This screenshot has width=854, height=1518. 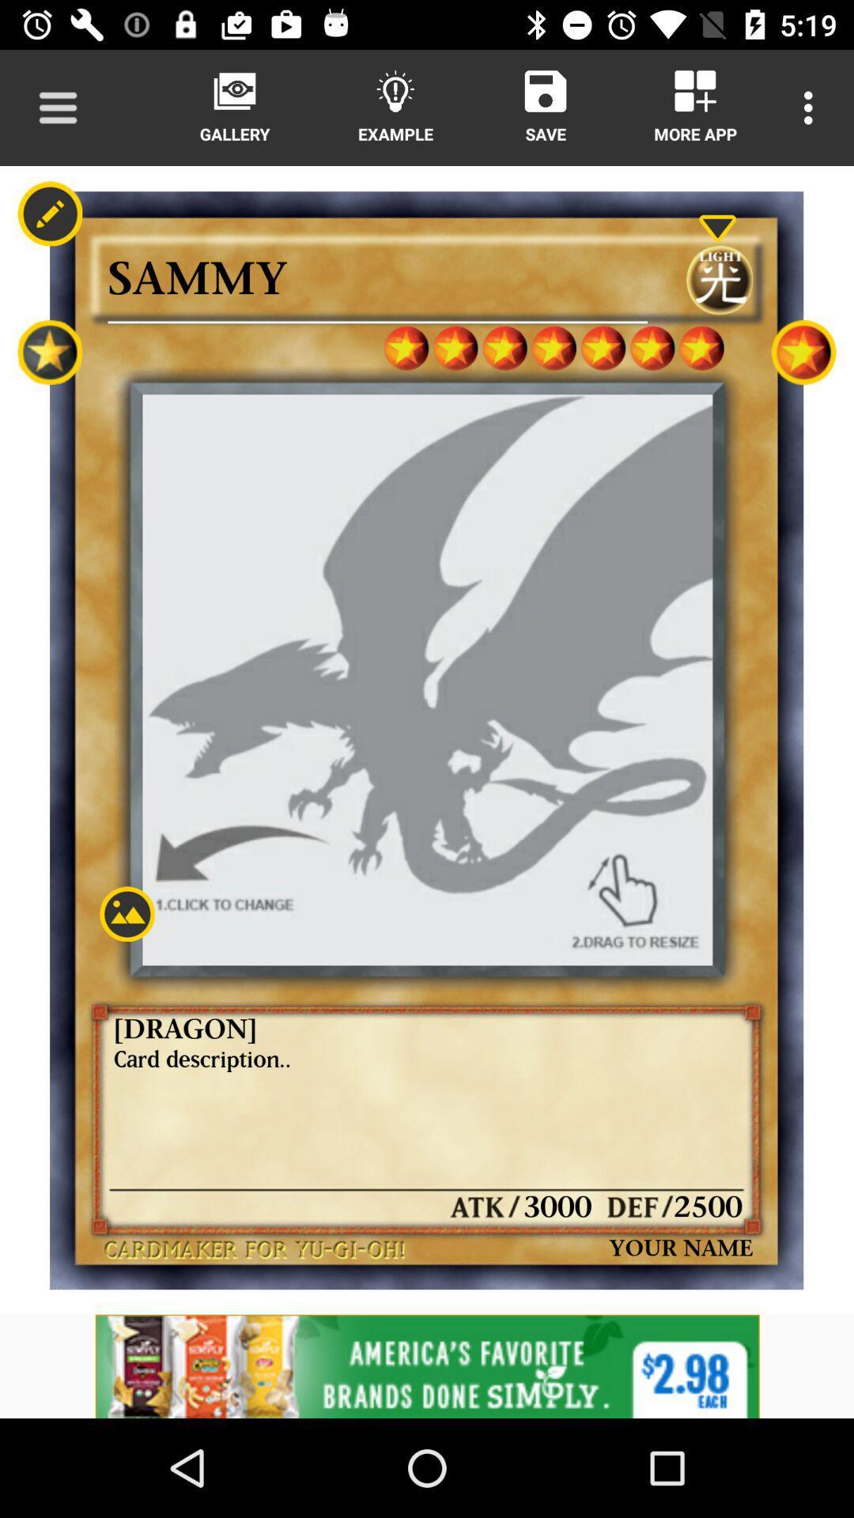 What do you see at coordinates (803, 351) in the screenshot?
I see `game button` at bounding box center [803, 351].